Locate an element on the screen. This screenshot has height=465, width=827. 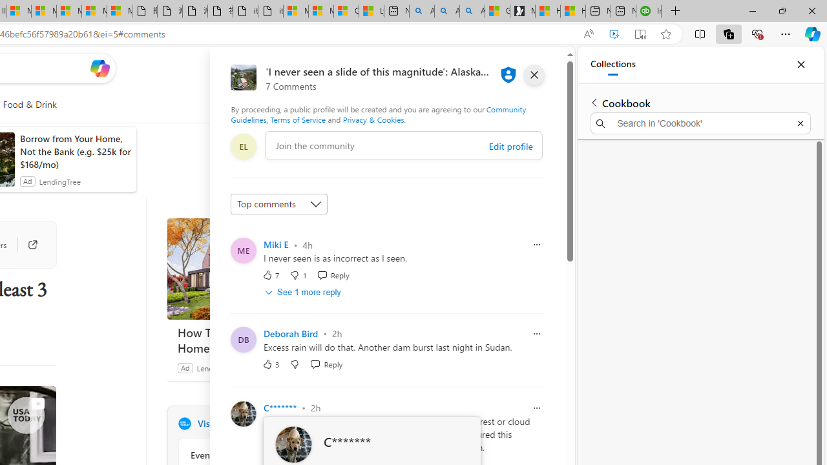
'Terms of Service' is located at coordinates (297, 119).